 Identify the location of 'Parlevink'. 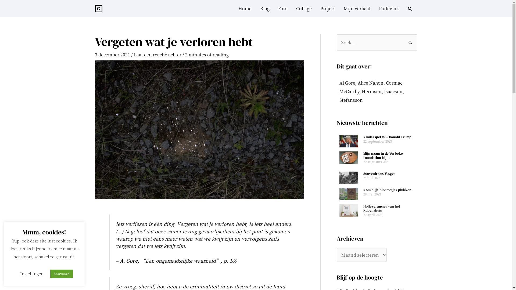
(389, 8).